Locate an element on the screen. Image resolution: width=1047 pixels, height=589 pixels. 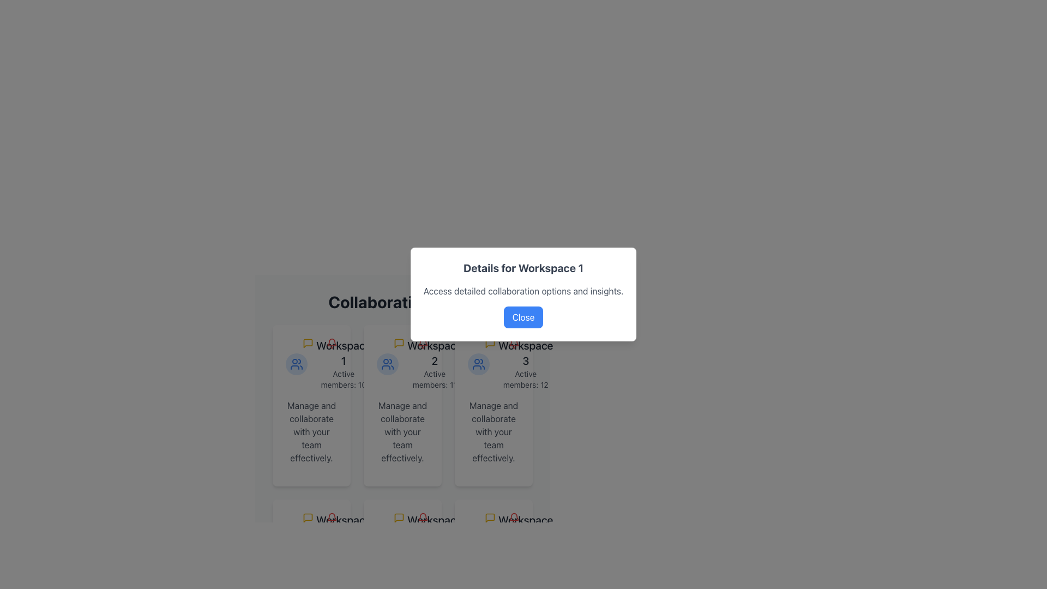
the blue circular icon representing two abstract human figures located in the middle column of the first row in the grid layout of cards, specifically in 'Workspace 2' is located at coordinates (387, 364).